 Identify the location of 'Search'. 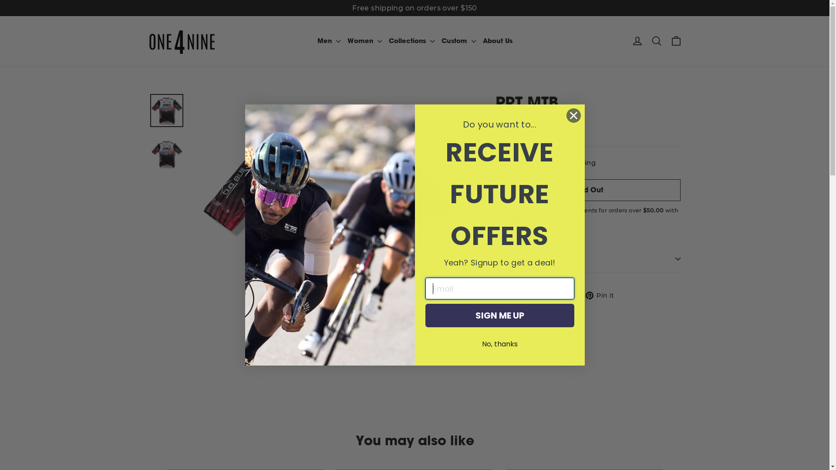
(656, 40).